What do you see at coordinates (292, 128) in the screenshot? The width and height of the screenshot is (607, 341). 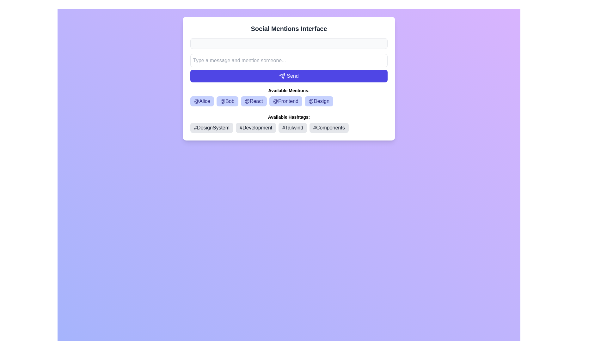 I see `the Decorative label displaying '#Tailwind', which is the third hashtag label in a row of four, styled with a dark gray font on a gray background` at bounding box center [292, 128].